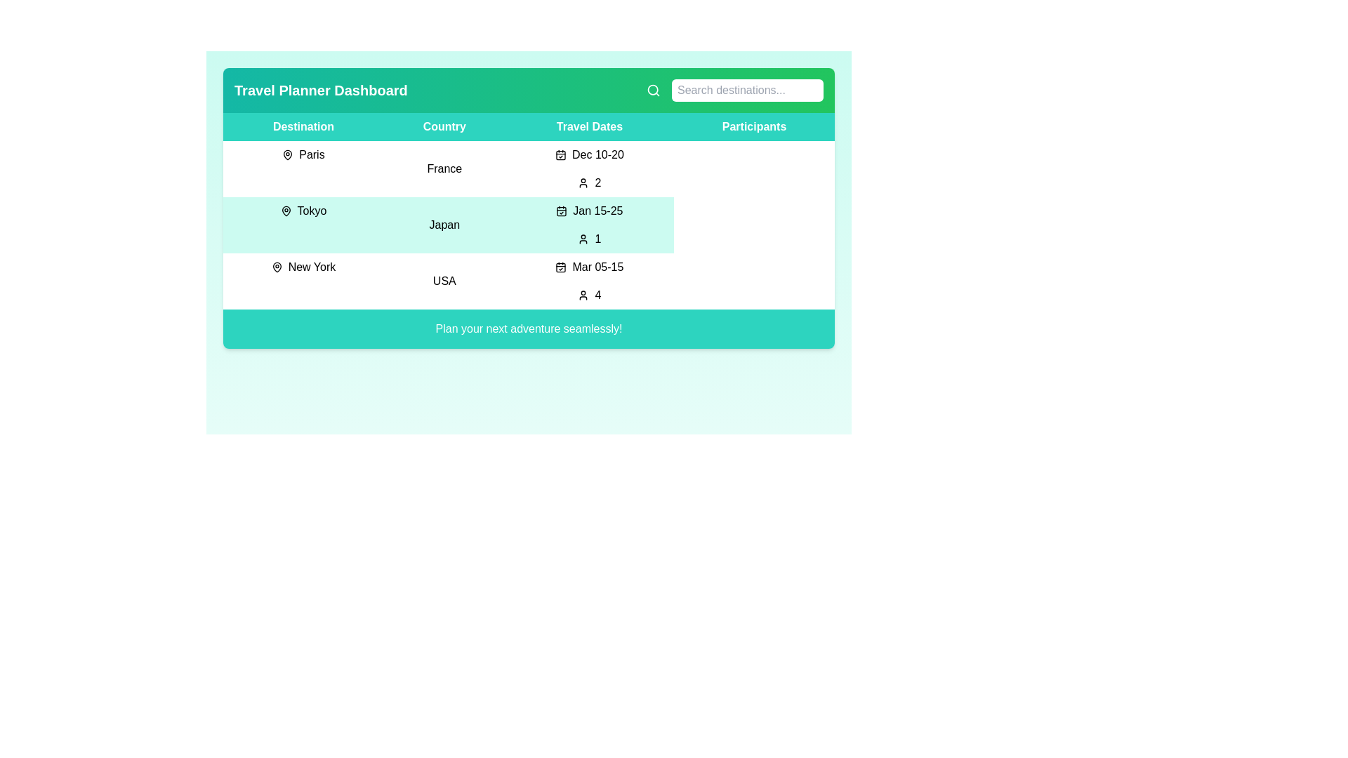 The width and height of the screenshot is (1348, 758). I want to click on the travel dates icon located to the left of the text 'Mar 05-15' in the table row for context, so click(560, 267).